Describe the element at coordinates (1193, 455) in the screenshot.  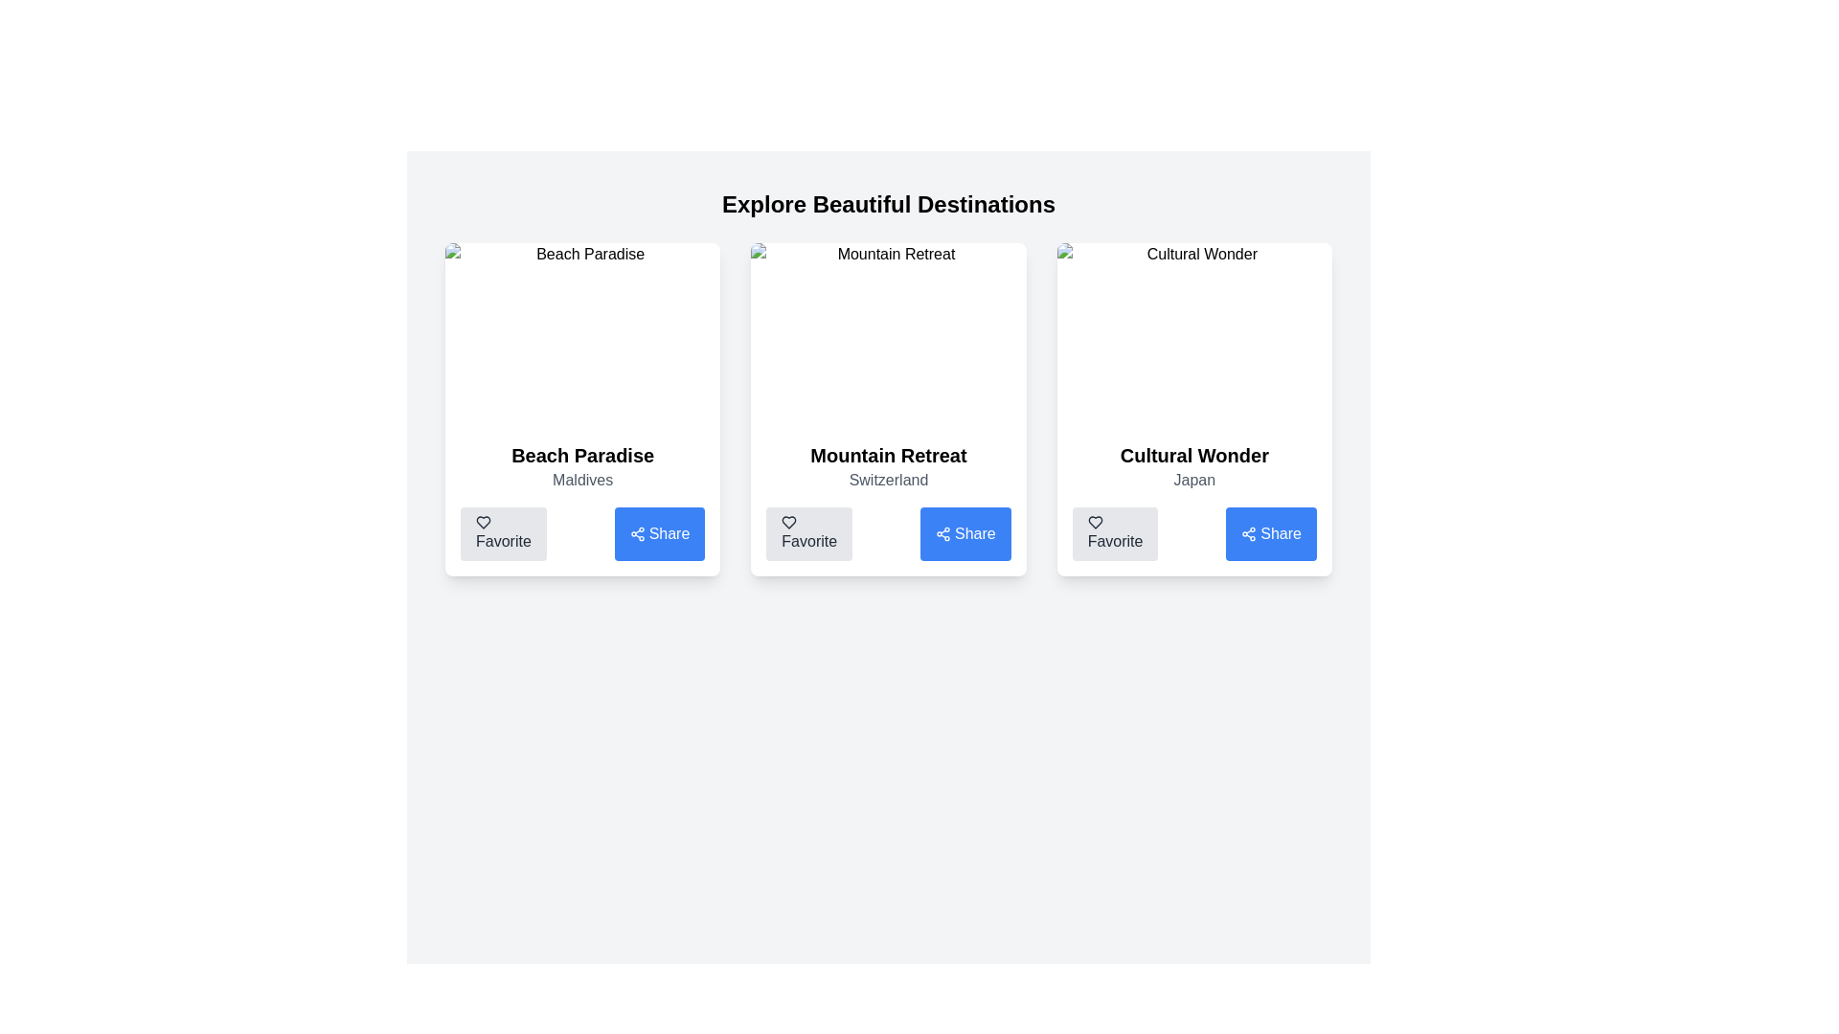
I see `the text label displaying 'Cultural Wonder', which is styled in bold and larger font, positioned in the third card above the 'Japan' text and aligned with buttons labeled 'Favorite' and 'Share'` at that location.